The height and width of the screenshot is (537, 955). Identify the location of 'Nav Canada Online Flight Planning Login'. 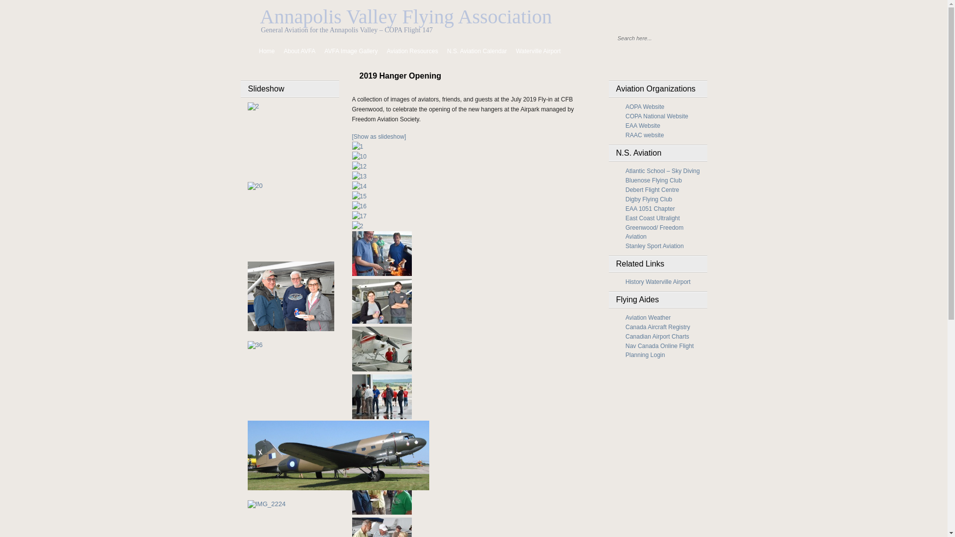
(660, 350).